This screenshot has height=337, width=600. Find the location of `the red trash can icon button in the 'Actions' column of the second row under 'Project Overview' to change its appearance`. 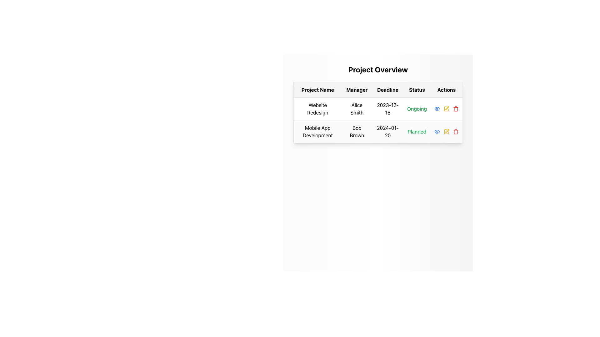

the red trash can icon button in the 'Actions' column of the second row under 'Project Overview' to change its appearance is located at coordinates (456, 131).